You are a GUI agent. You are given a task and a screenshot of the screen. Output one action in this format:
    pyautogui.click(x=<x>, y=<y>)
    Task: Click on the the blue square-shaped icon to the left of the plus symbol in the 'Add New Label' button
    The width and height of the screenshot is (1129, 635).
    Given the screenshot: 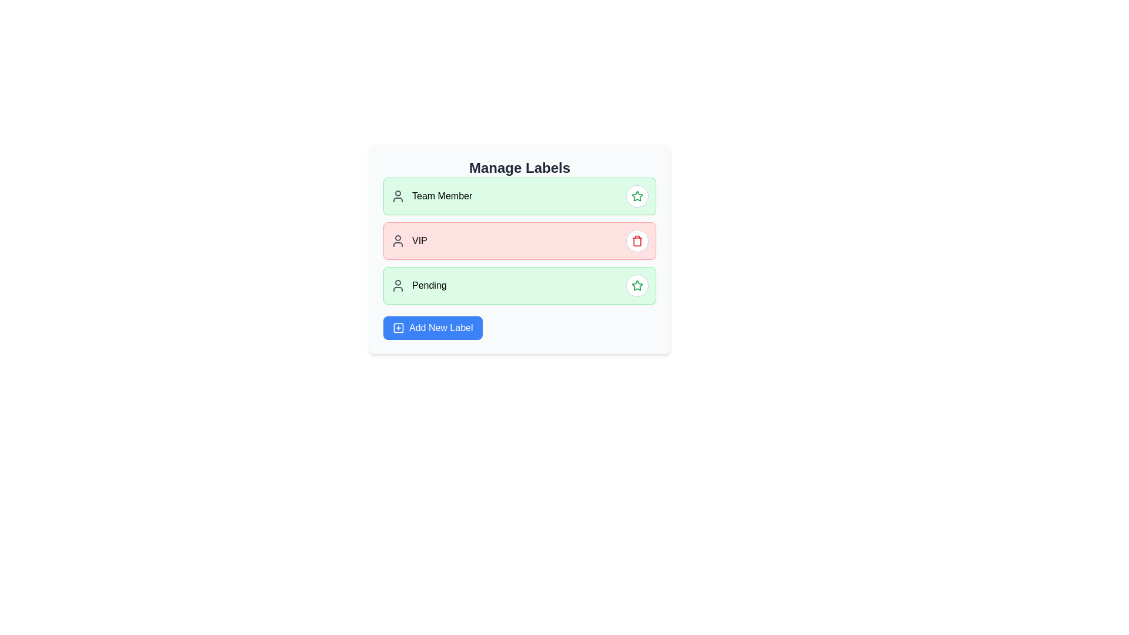 What is the action you would take?
    pyautogui.click(x=398, y=328)
    